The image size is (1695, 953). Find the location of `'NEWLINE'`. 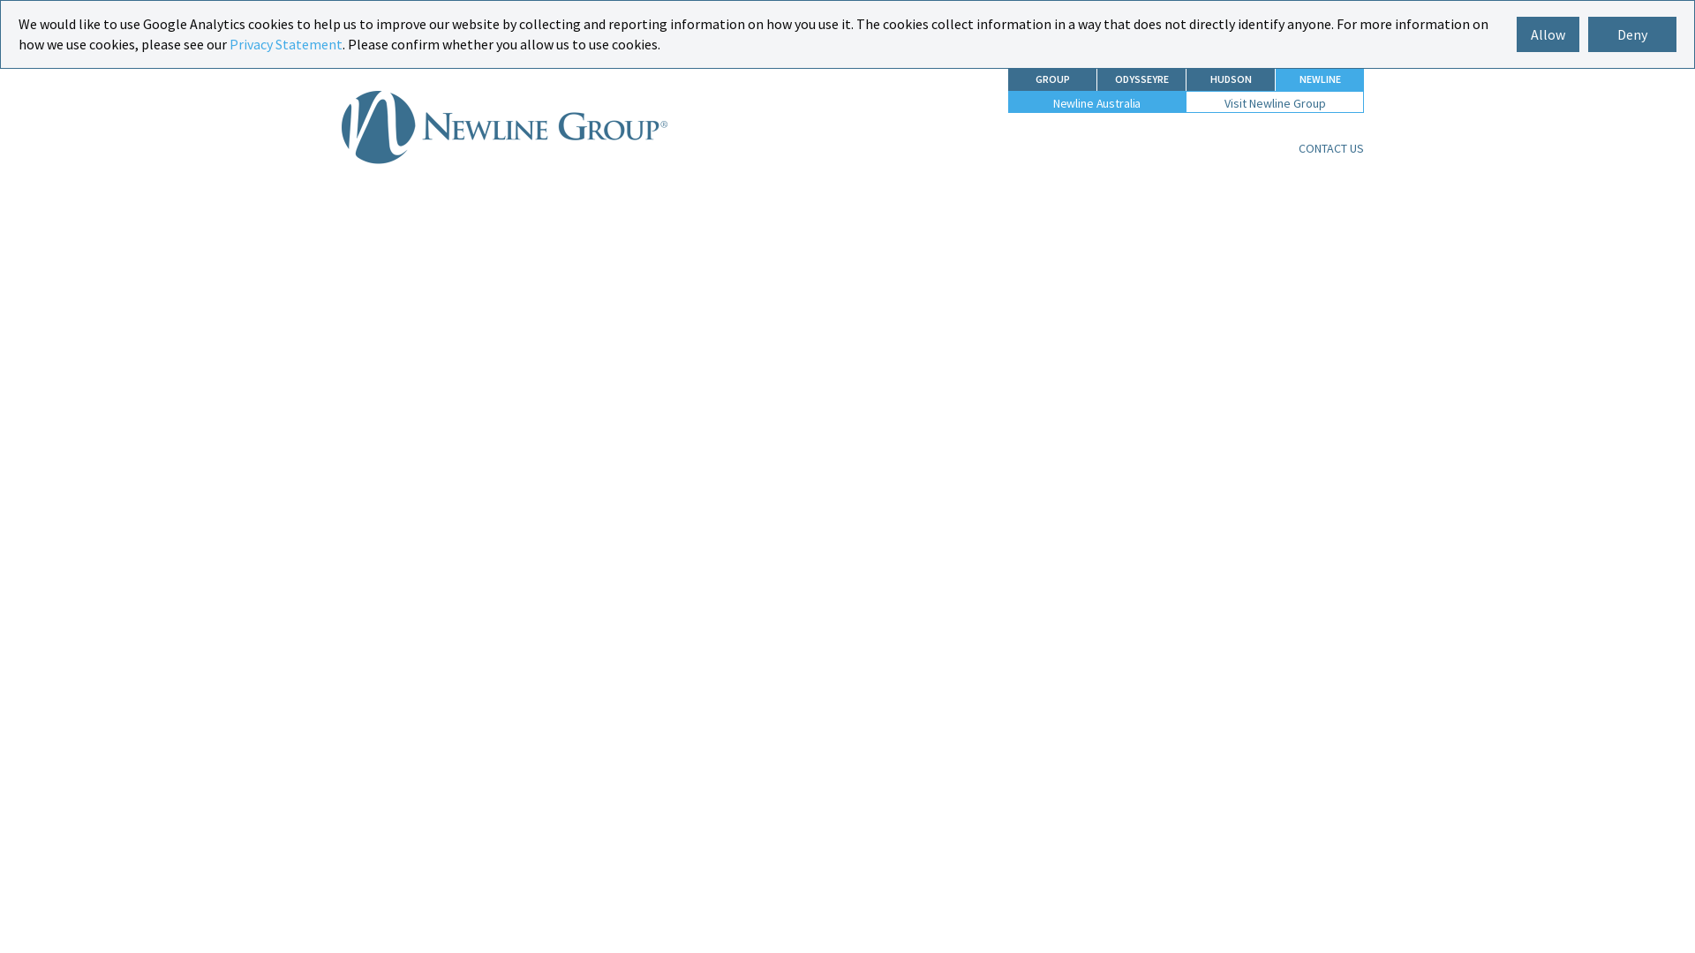

'NEWLINE' is located at coordinates (1319, 78).